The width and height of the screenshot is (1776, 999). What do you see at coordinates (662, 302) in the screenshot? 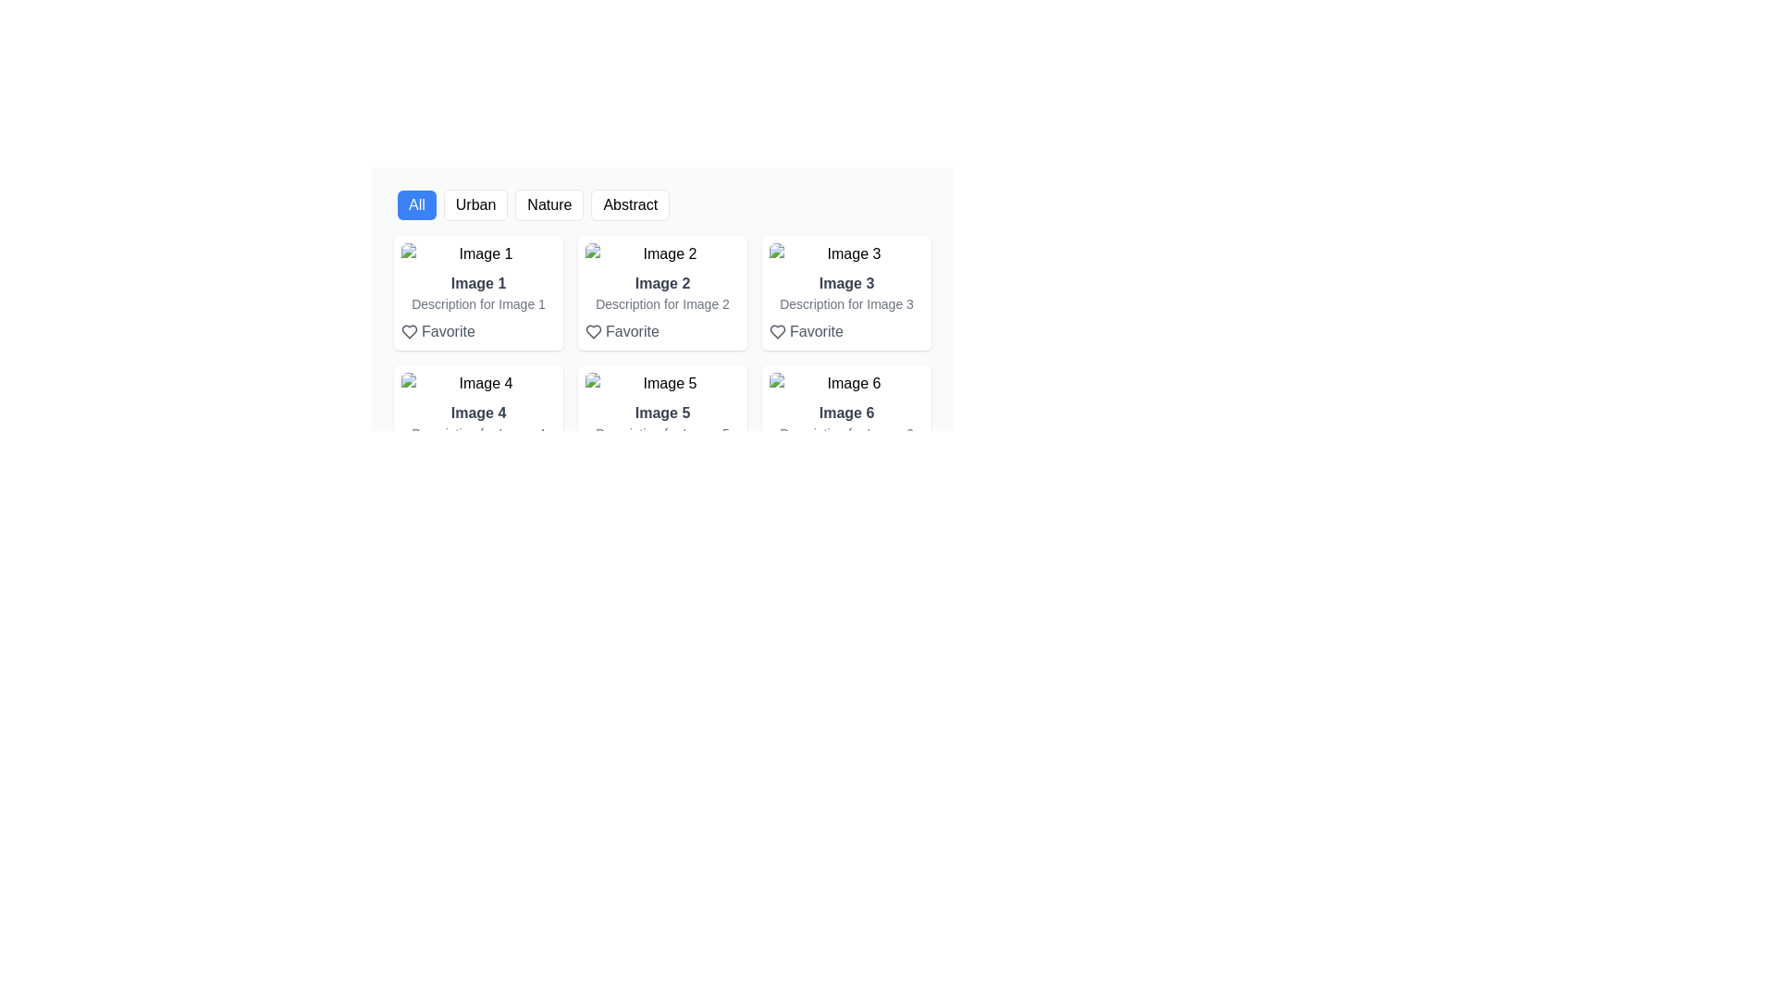
I see `the text label element reading 'Description for Image 2', which is styled in a smaller gray font and positioned between the 'Image 2' label and the 'Favorite' option` at bounding box center [662, 302].